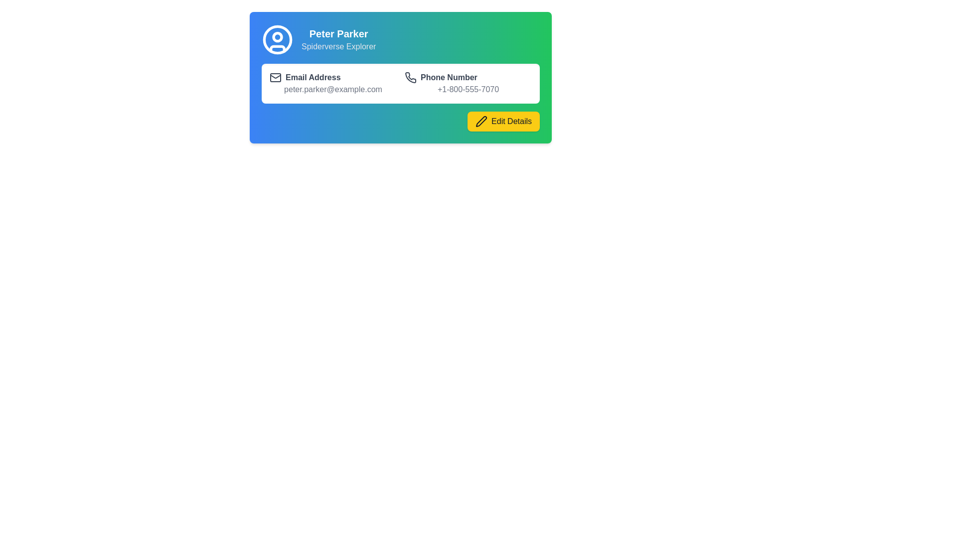  I want to click on the 'Email Address' label with an envelope icon, which is positioned in the user information card, under the user's name and above the email address, so click(333, 77).